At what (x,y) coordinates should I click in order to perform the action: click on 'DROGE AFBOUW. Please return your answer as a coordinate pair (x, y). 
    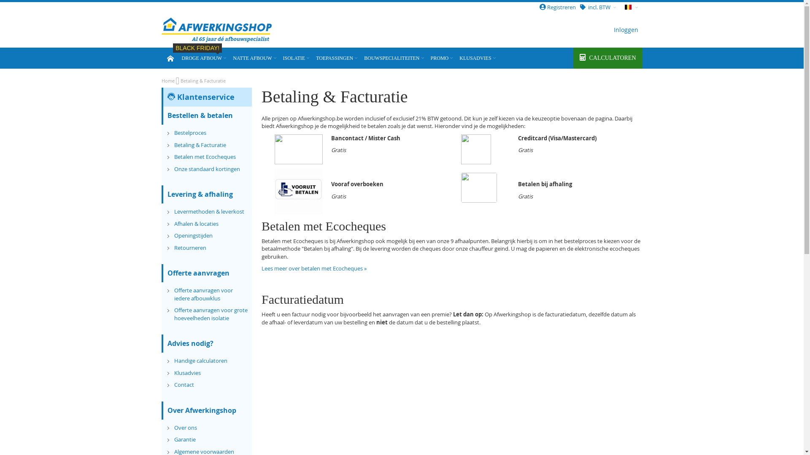
    Looking at the image, I should click on (204, 58).